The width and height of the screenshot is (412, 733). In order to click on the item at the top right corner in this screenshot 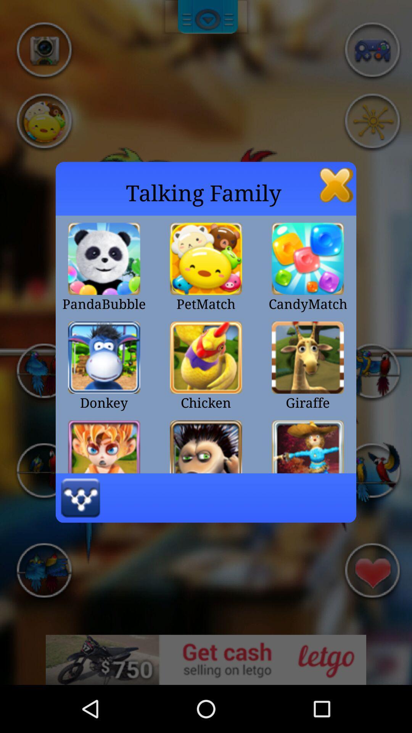, I will do `click(336, 185)`.